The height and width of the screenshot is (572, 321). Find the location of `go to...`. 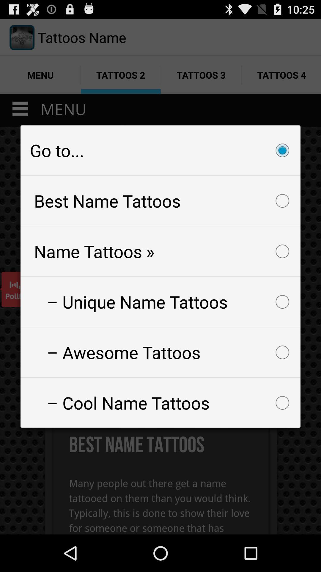

go to... is located at coordinates (160, 150).